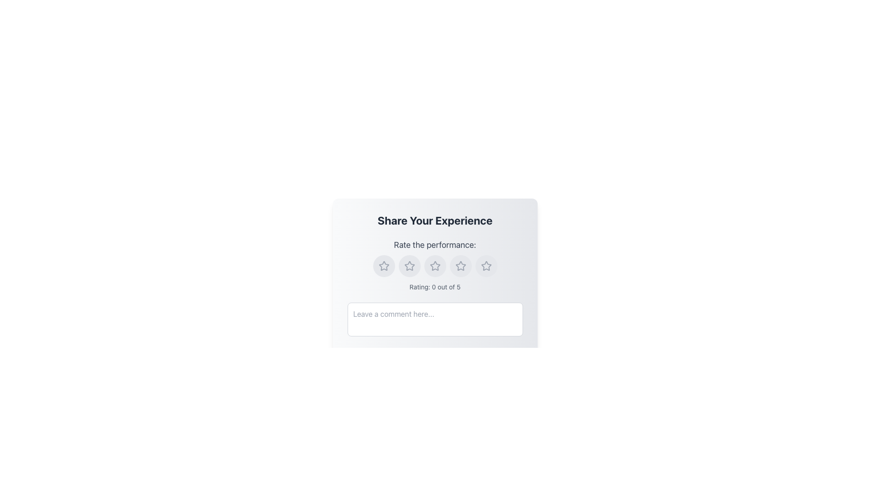  What do you see at coordinates (434, 266) in the screenshot?
I see `the star in the rating widget located beneath the text 'Rate the performance:'` at bounding box center [434, 266].